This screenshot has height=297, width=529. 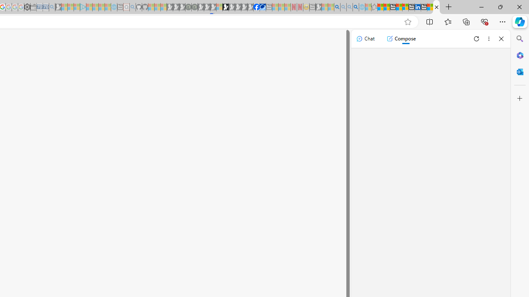 What do you see at coordinates (256, 7) in the screenshot?
I see `'Nordace | Facebook'` at bounding box center [256, 7].